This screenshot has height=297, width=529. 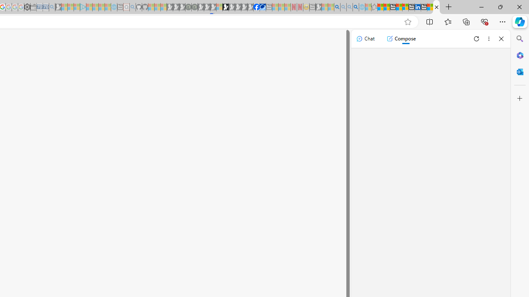 What do you see at coordinates (256, 7) in the screenshot?
I see `'Nordace | Facebook'` at bounding box center [256, 7].